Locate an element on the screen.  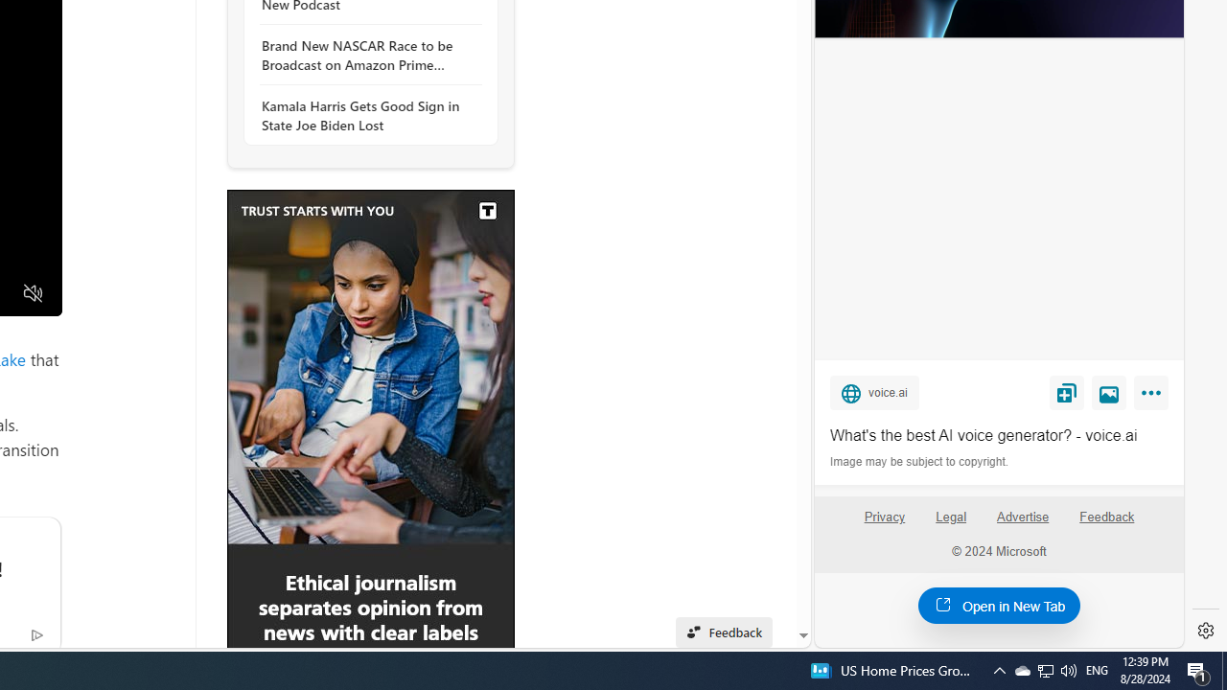
'Open in New Tab' is located at coordinates (998, 605).